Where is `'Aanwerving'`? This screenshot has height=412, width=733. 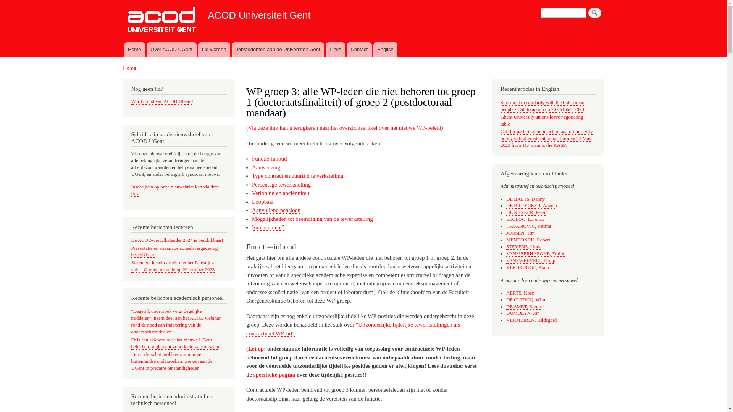 'Aanwerving' is located at coordinates (266, 167).